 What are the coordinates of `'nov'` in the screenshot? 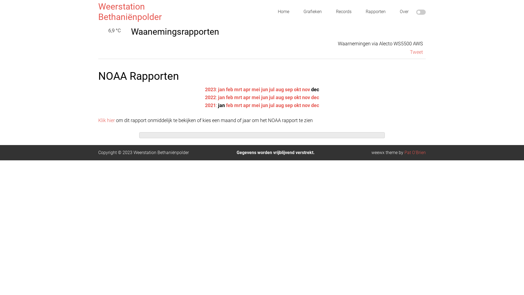 It's located at (306, 89).